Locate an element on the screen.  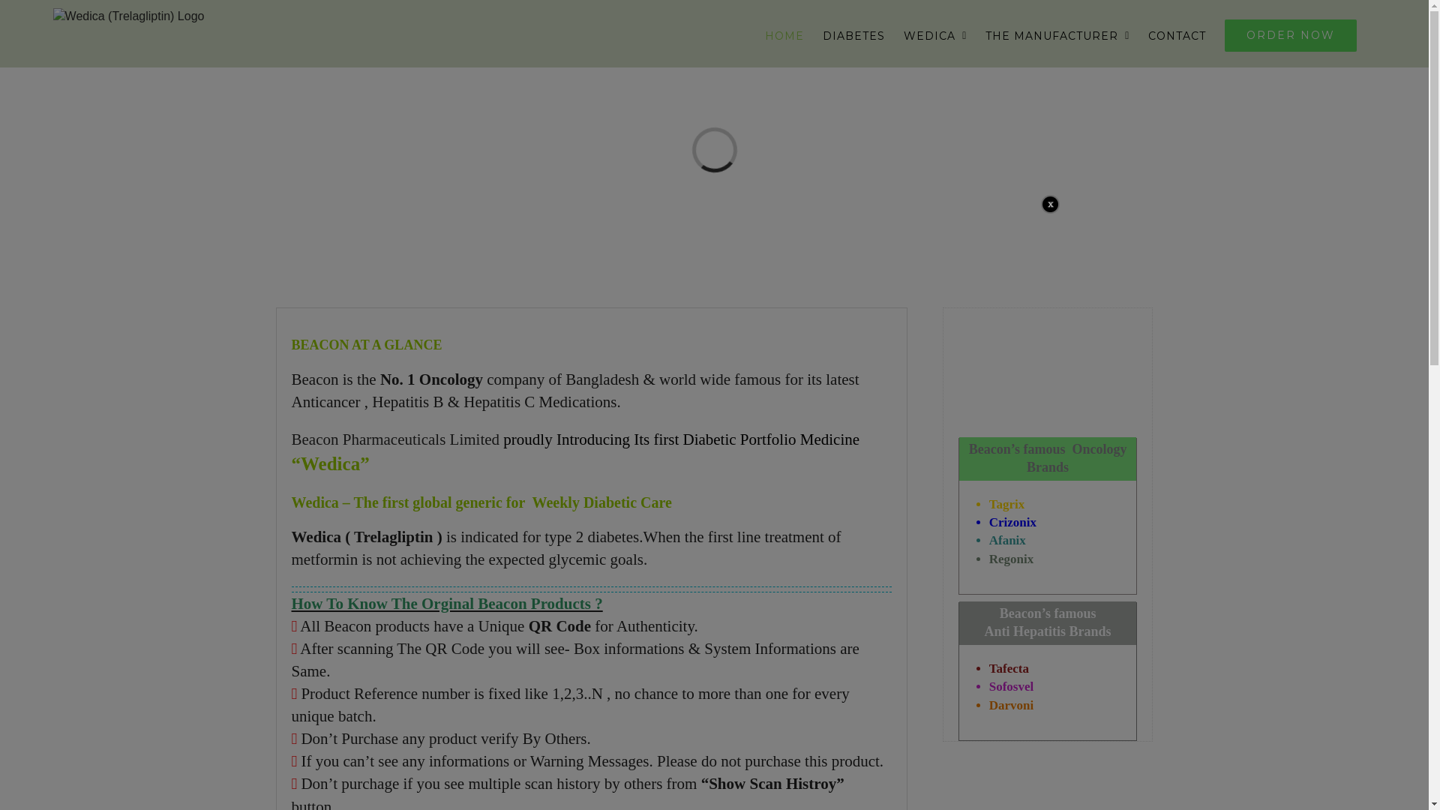
'Regonix' is located at coordinates (1011, 559).